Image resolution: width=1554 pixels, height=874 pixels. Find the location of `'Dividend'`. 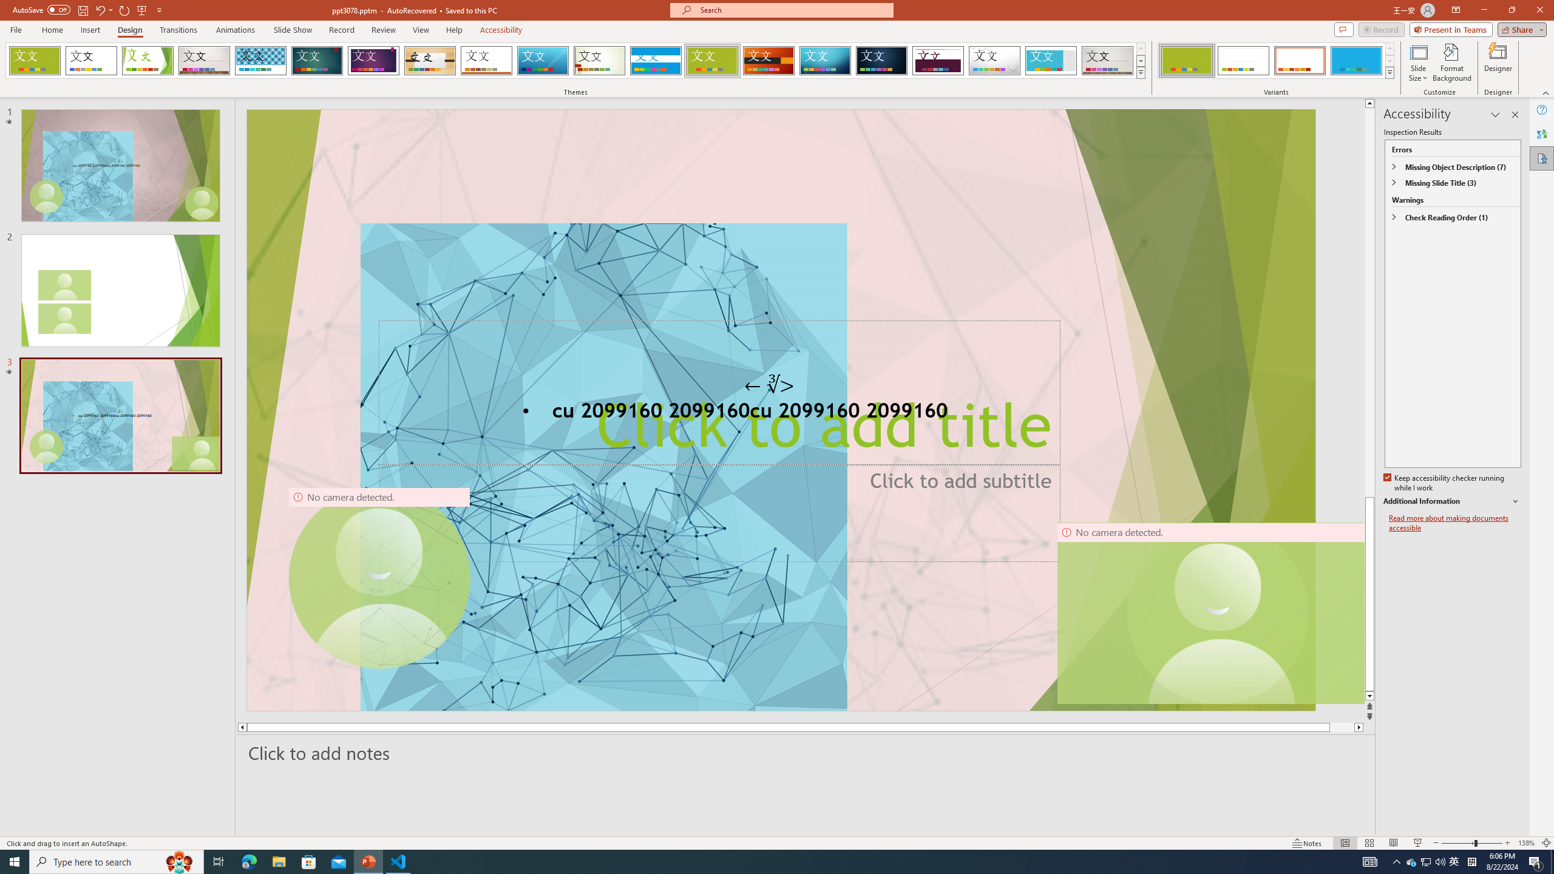

'Dividend' is located at coordinates (938, 60).